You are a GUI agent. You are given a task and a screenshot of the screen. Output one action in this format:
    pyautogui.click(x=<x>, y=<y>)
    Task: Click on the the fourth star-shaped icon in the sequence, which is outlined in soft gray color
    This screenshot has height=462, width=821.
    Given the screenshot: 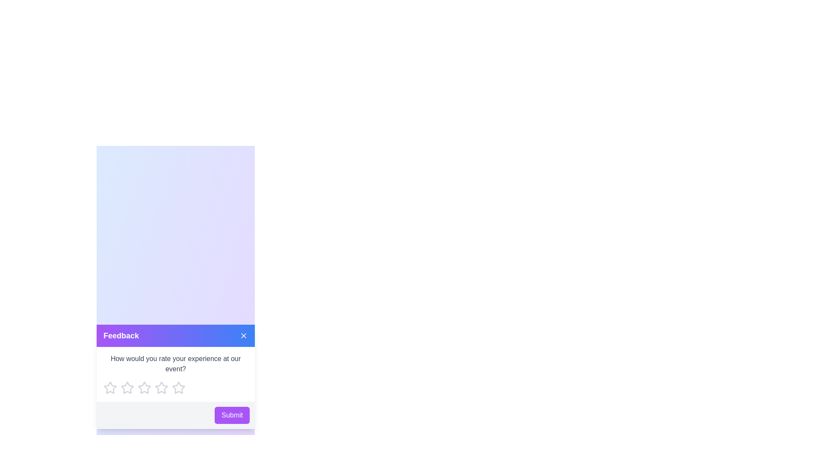 What is the action you would take?
    pyautogui.click(x=144, y=388)
    